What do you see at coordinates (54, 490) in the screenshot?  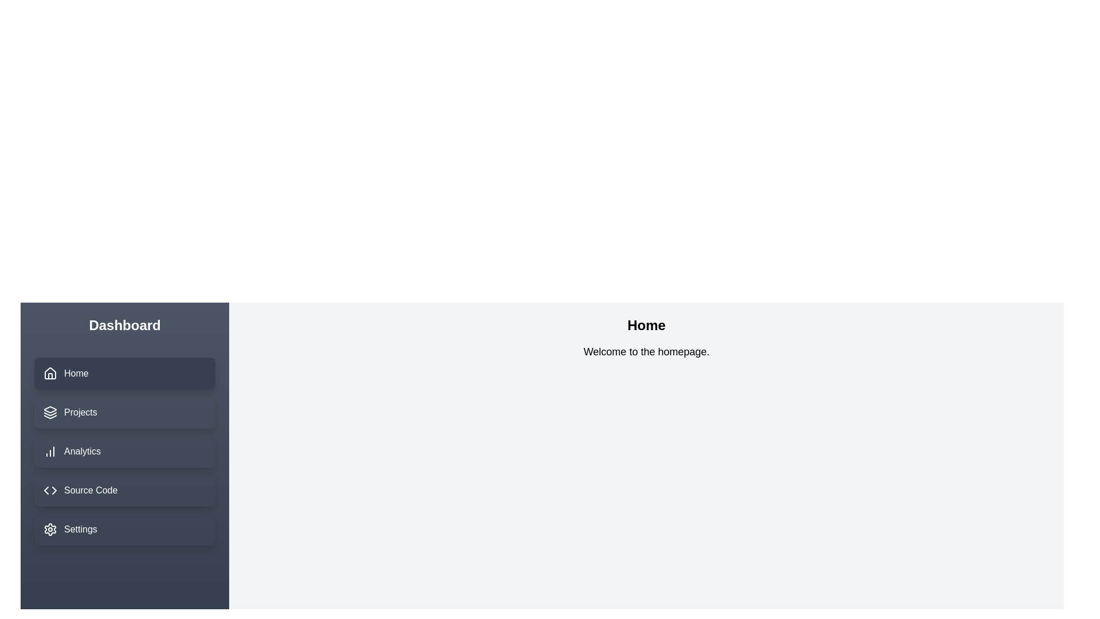 I see `the right-side SVG icon in the sidebar menu next to the 'Source Code' menu item` at bounding box center [54, 490].